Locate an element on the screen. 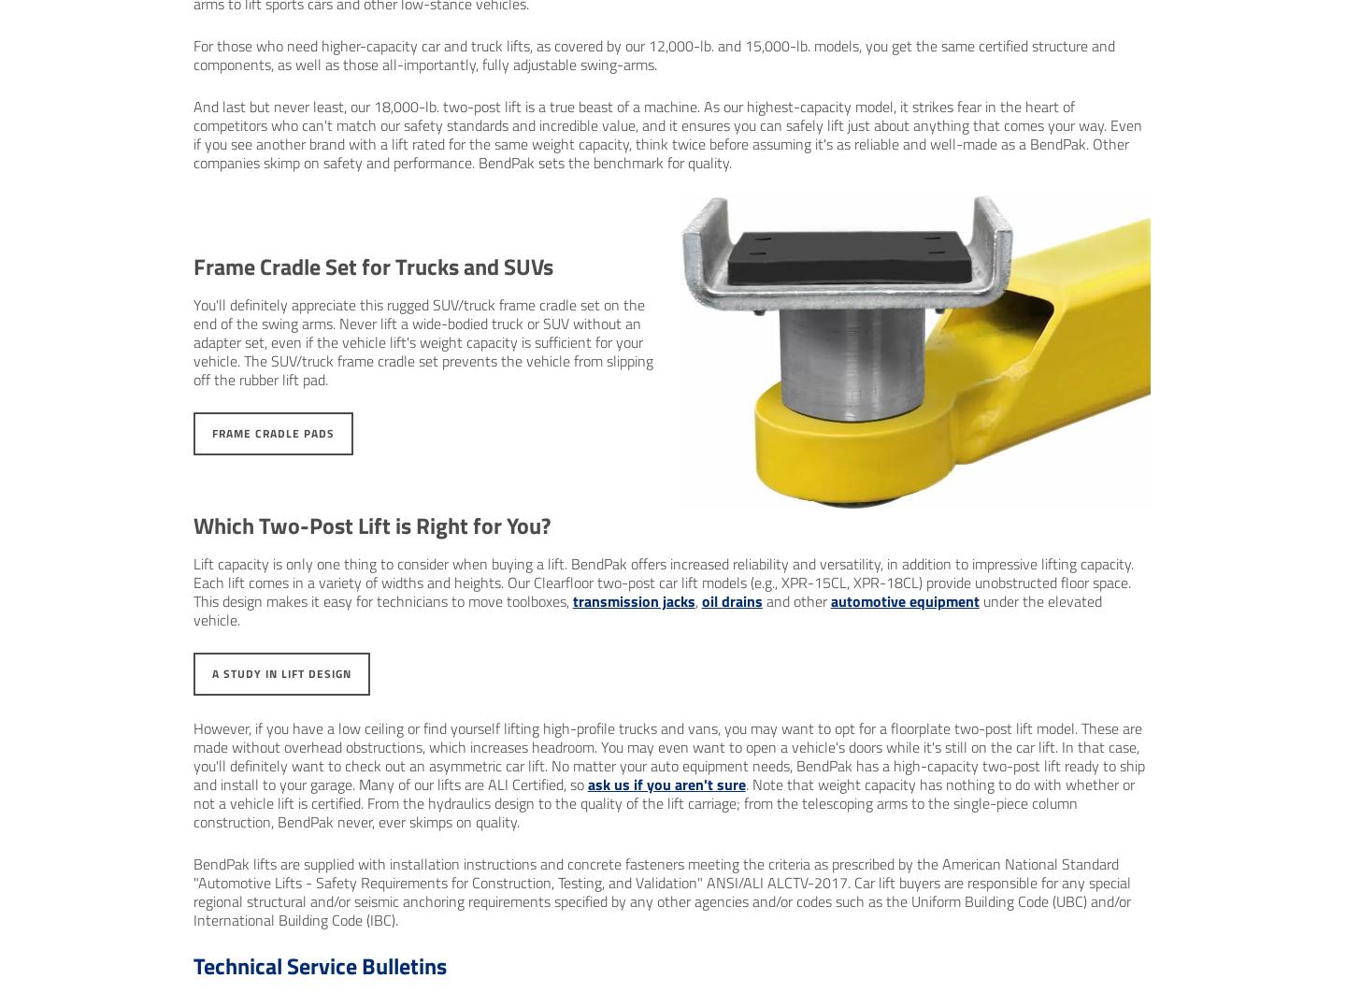 This screenshot has height=993, width=1346. 'Technical Service Bulletins' is located at coordinates (319, 965).